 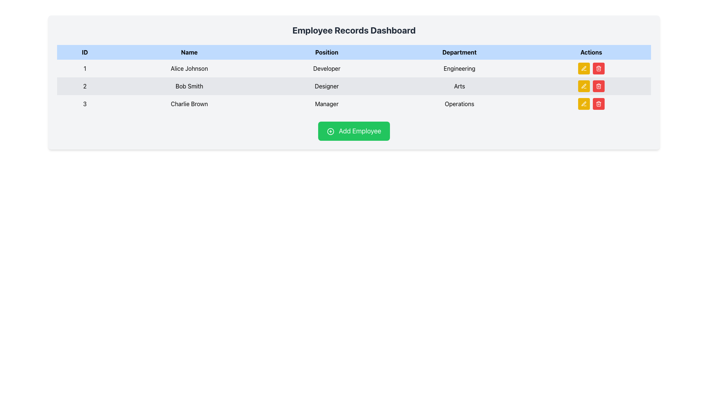 I want to click on the text element displaying 'Designer' located in the second row of the employee details table, centered horizontally in the same row as 'Bob Smith', so click(x=326, y=86).